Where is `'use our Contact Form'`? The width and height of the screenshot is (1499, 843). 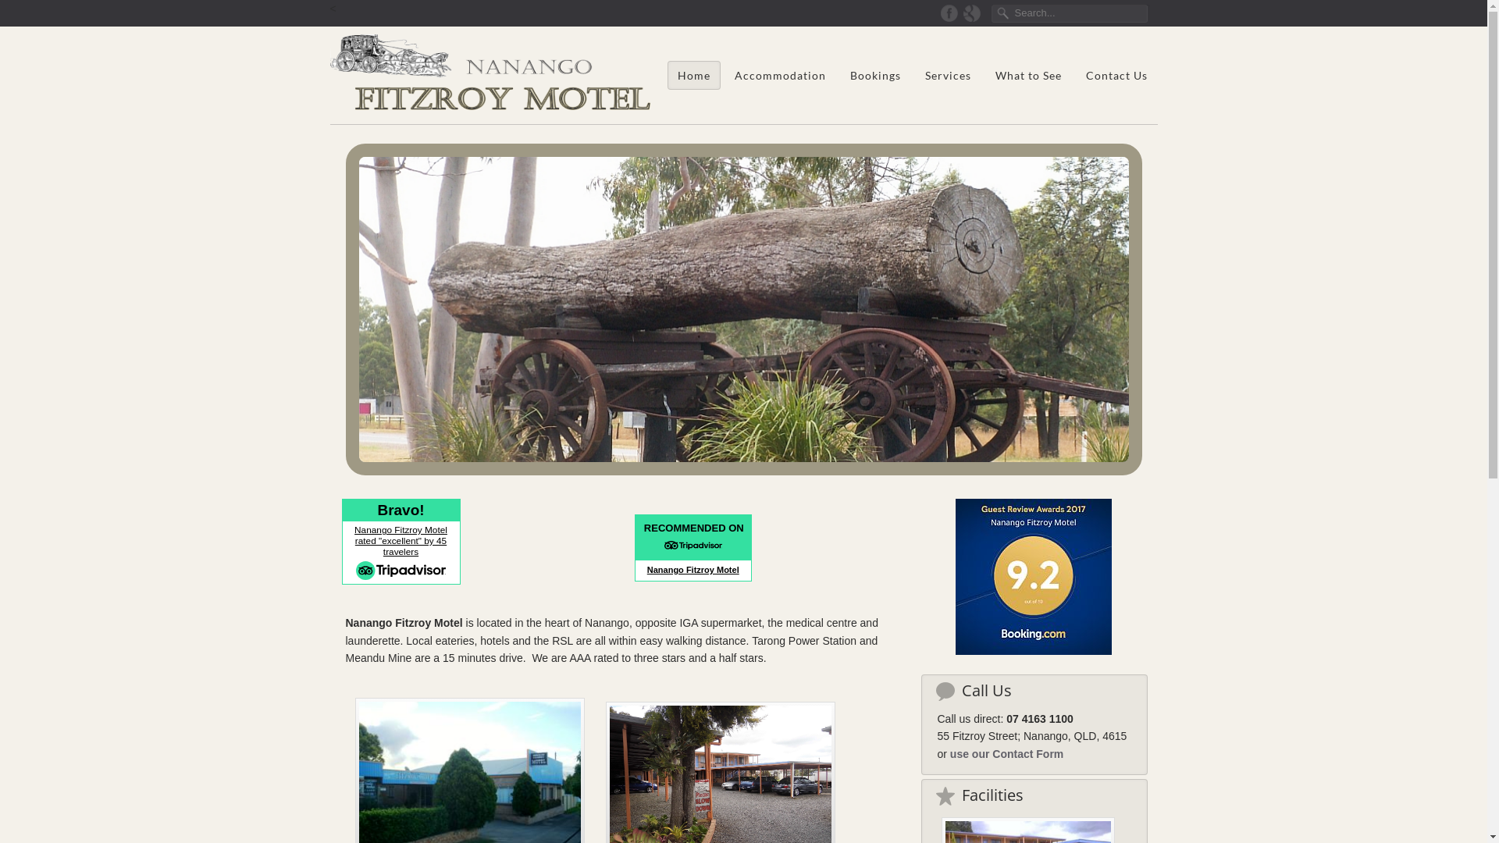 'use our Contact Form' is located at coordinates (949, 752).